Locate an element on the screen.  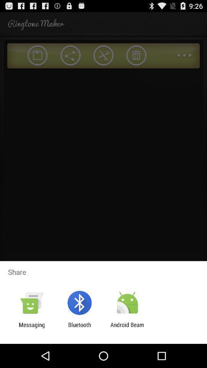
the app to the left of android beam item is located at coordinates (79, 328).